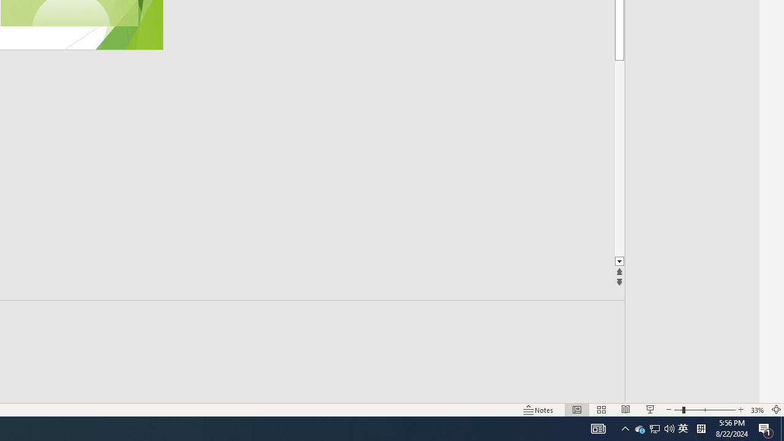 This screenshot has width=784, height=441. What do you see at coordinates (677, 410) in the screenshot?
I see `'Zoom Out'` at bounding box center [677, 410].